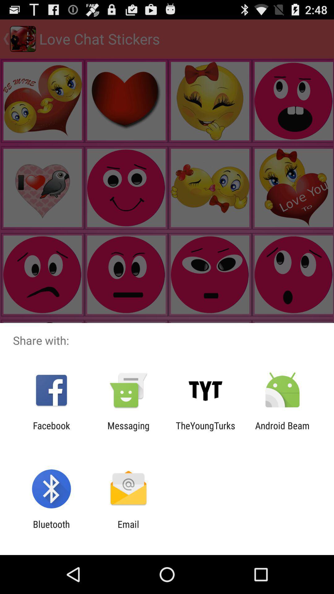 This screenshot has width=334, height=594. What do you see at coordinates (282, 431) in the screenshot?
I see `icon next to the theyoungturks item` at bounding box center [282, 431].